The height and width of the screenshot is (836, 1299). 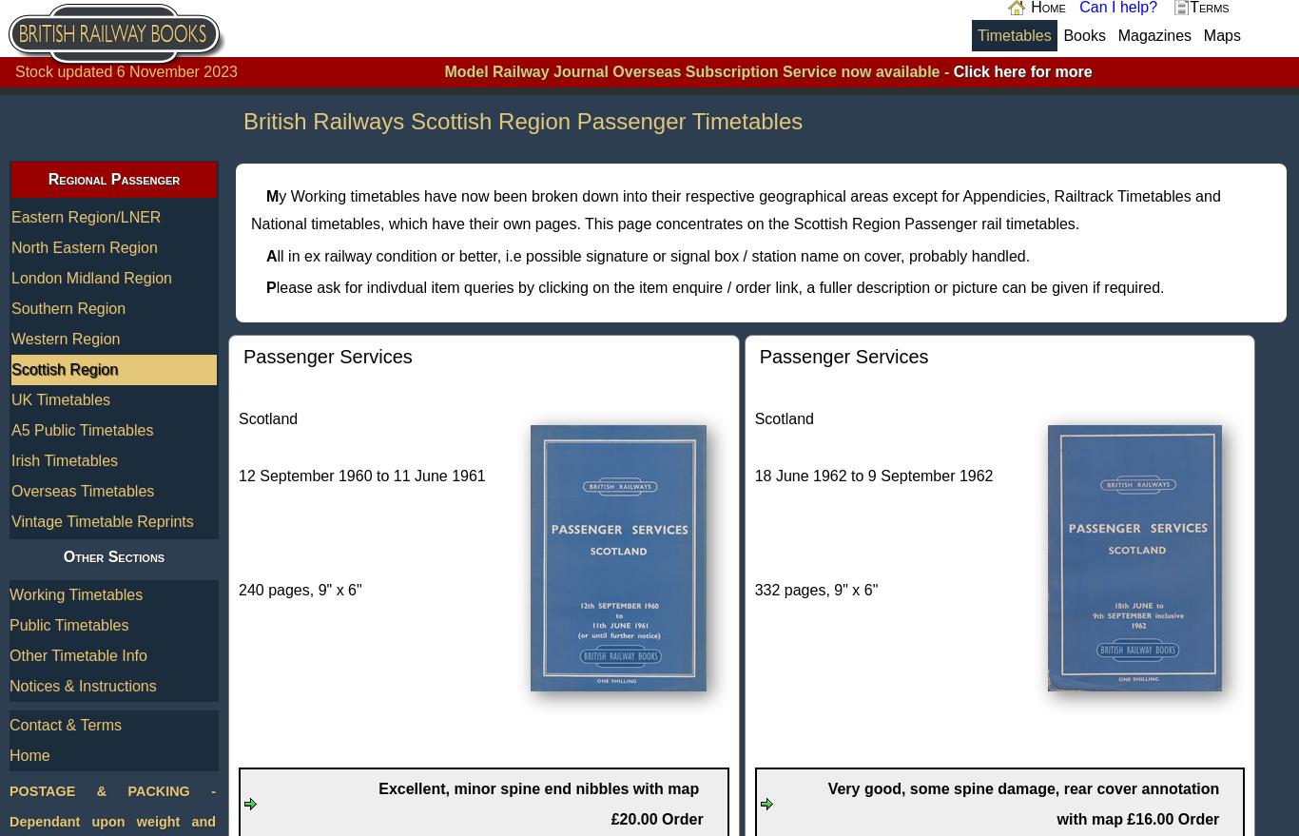 I want to click on 'Working Timetables', so click(x=76, y=594).